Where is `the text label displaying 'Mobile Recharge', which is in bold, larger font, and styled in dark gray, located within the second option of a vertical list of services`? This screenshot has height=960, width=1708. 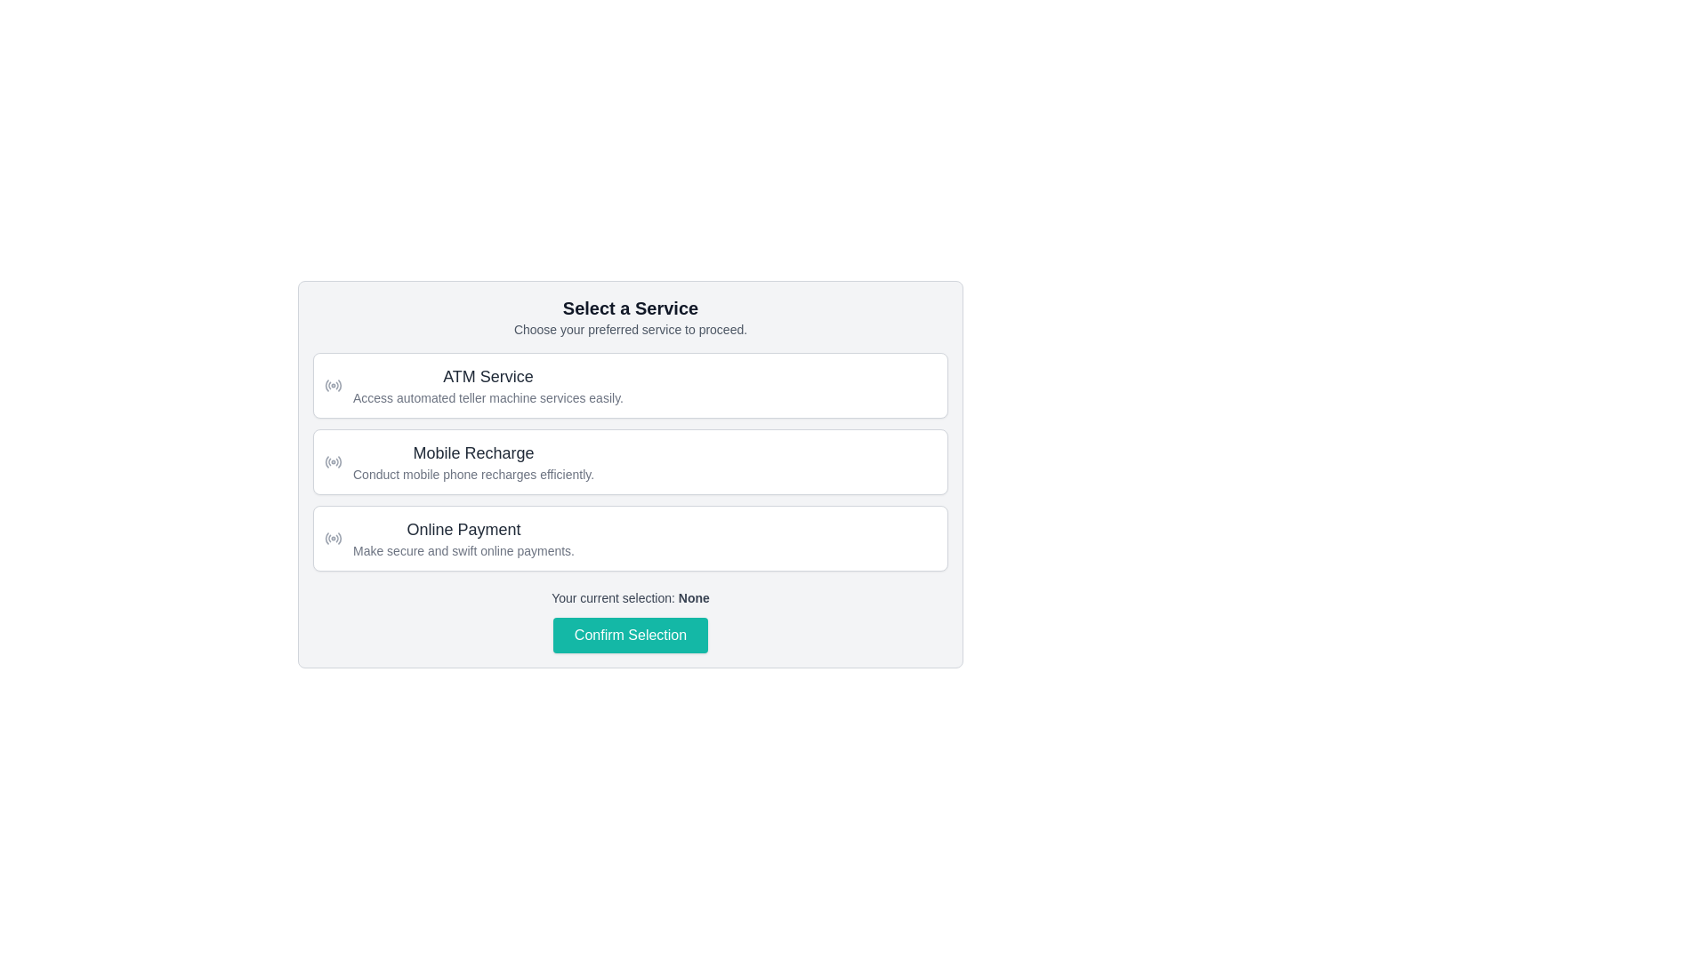
the text label displaying 'Mobile Recharge', which is in bold, larger font, and styled in dark gray, located within the second option of a vertical list of services is located at coordinates (473, 452).